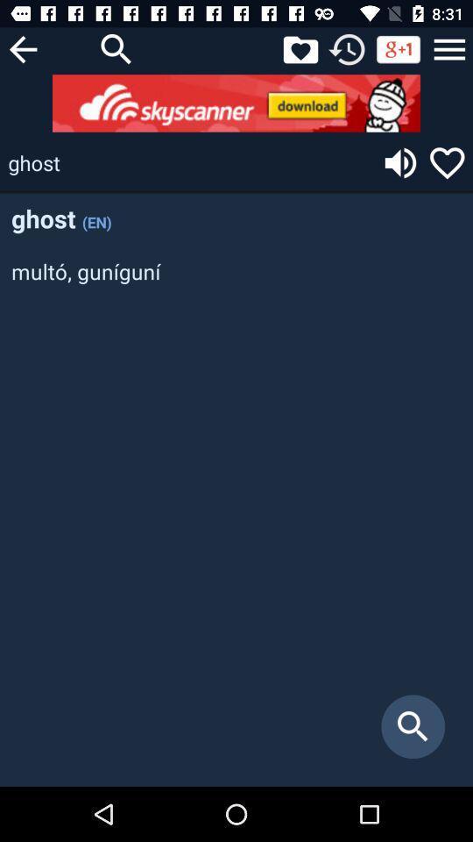 This screenshot has height=842, width=473. What do you see at coordinates (300, 48) in the screenshot?
I see `fevorited` at bounding box center [300, 48].